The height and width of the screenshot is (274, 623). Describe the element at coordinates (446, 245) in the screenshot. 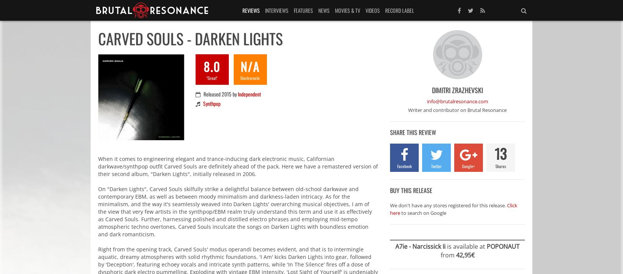

I see `'is available at'` at that location.